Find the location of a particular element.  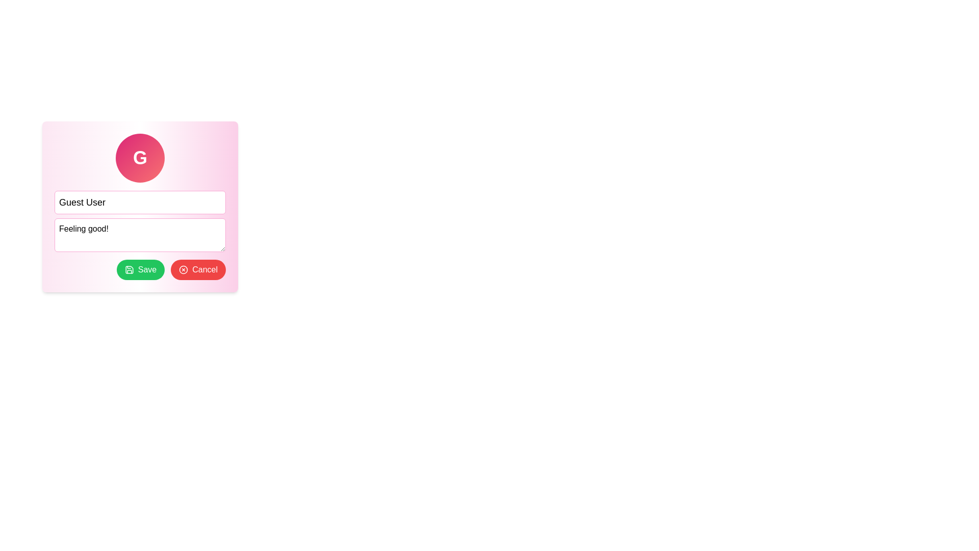

the bright red 'Cancel' button located at the bottom-right corner of the modal, which features a white rounded text and an 'X' icon is located at coordinates (198, 269).